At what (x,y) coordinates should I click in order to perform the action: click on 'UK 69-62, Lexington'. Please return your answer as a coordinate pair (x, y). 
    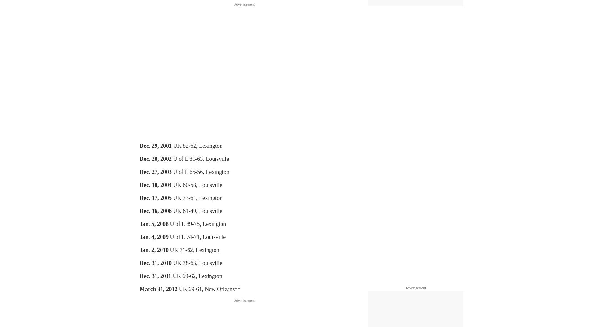
    Looking at the image, I should click on (196, 276).